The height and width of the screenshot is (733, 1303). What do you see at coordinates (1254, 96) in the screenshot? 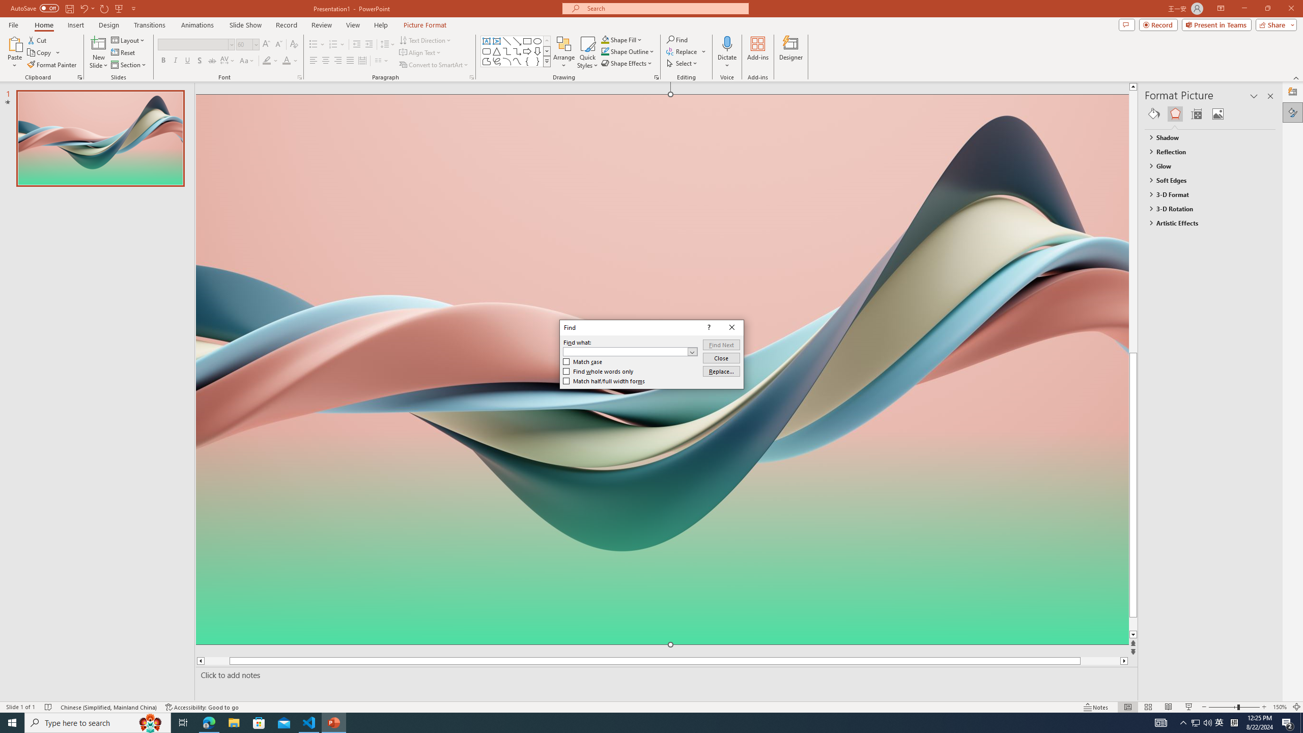
I see `'Task Pane Options'` at bounding box center [1254, 96].